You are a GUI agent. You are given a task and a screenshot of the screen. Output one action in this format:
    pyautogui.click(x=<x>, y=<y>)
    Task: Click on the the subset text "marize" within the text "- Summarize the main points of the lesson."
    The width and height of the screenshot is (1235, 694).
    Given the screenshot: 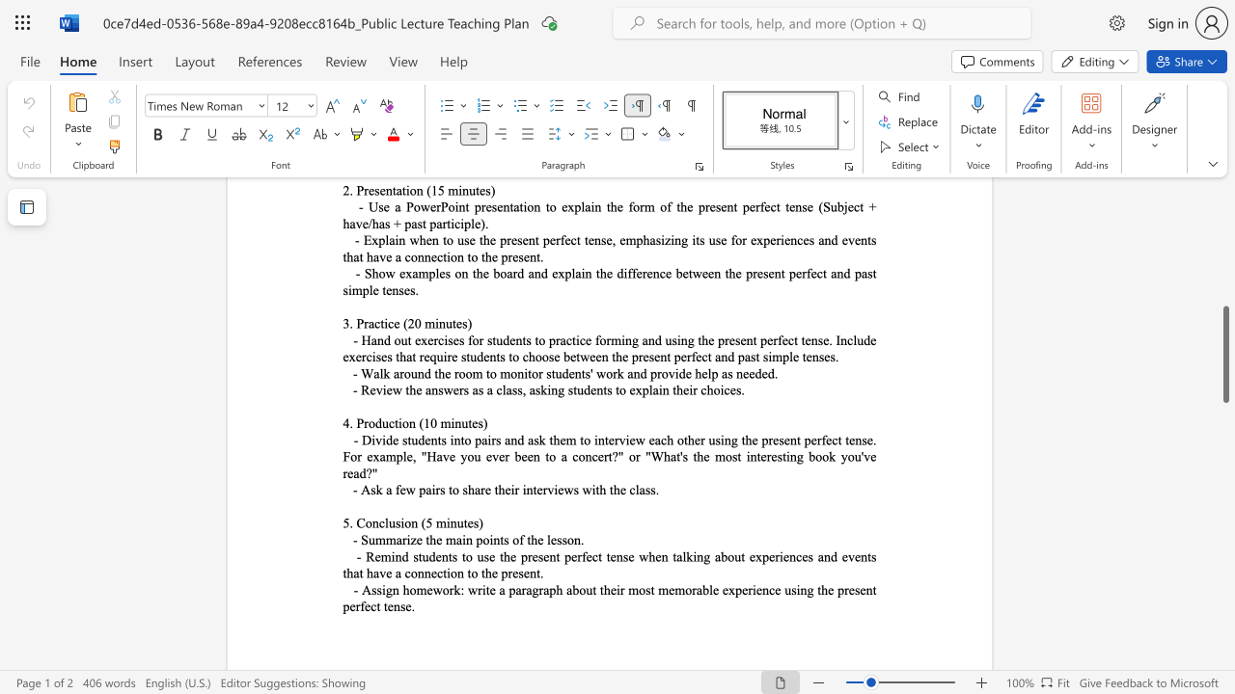 What is the action you would take?
    pyautogui.click(x=385, y=540)
    